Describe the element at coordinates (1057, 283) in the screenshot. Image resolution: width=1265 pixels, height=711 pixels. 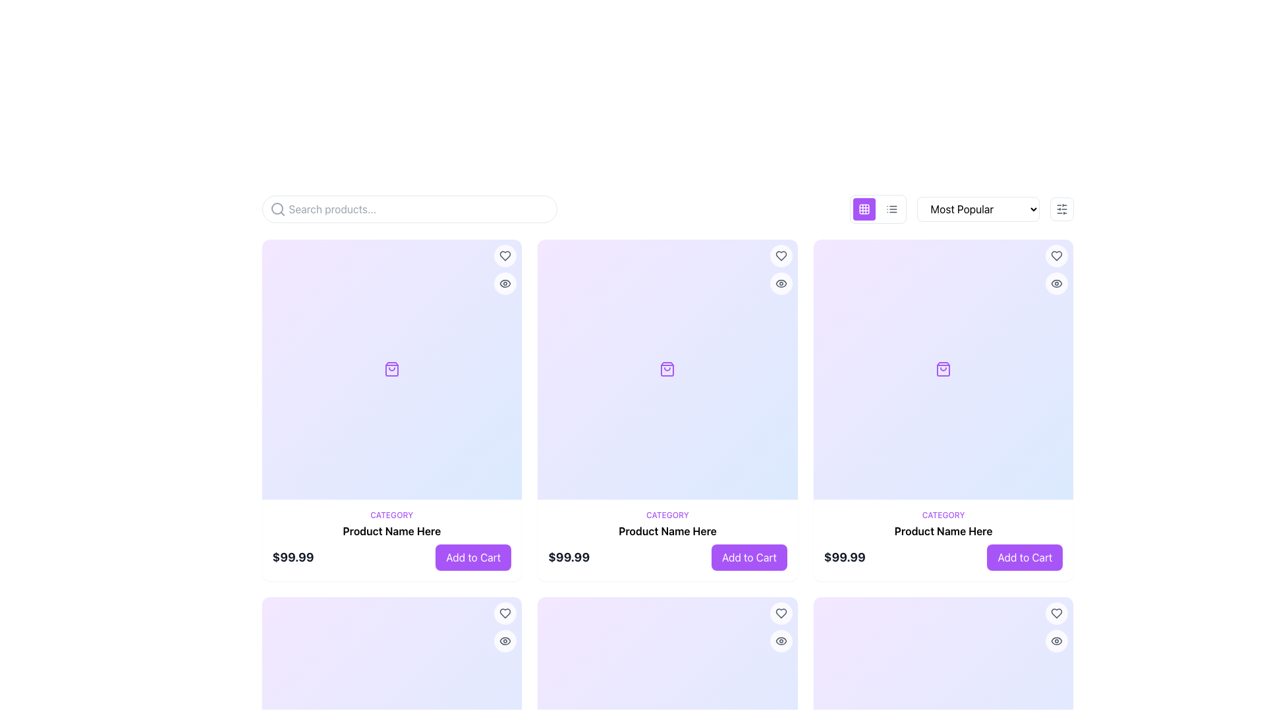
I see `the preview icon located at the right side of the product card, below the heart icon` at that location.